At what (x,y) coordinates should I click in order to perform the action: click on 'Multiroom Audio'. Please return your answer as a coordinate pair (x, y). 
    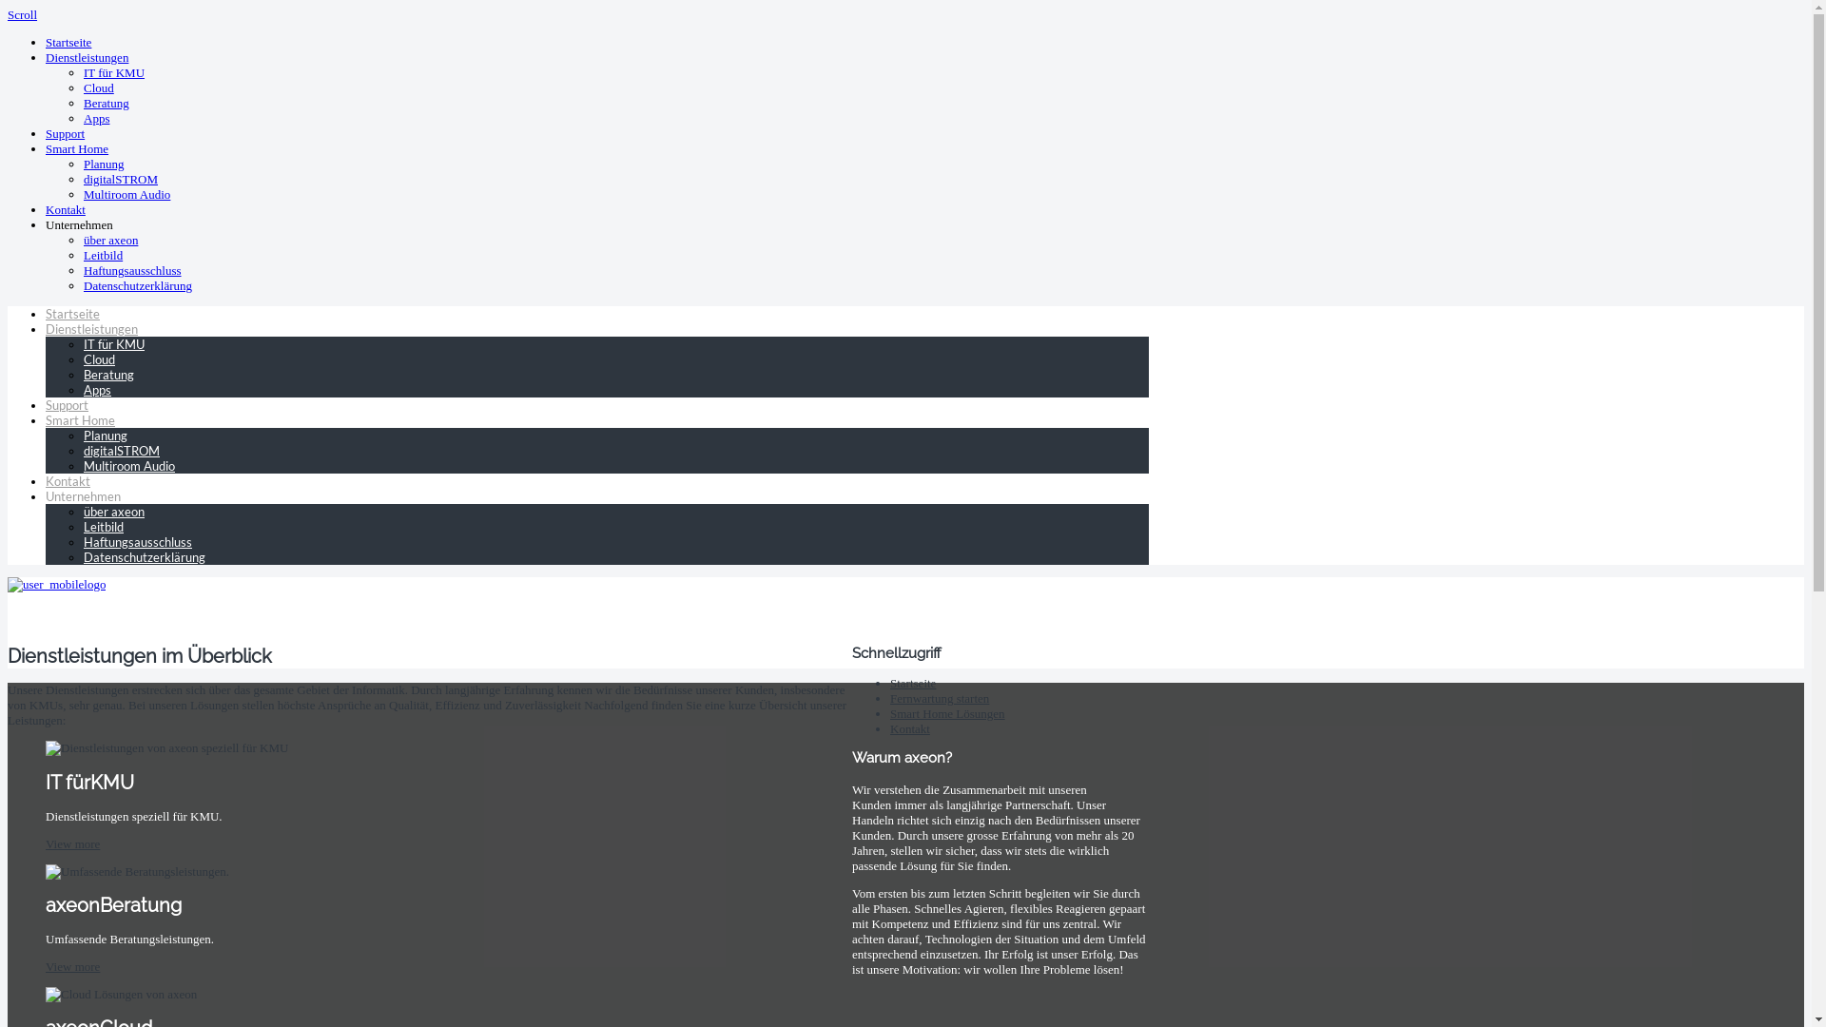
    Looking at the image, I should click on (126, 194).